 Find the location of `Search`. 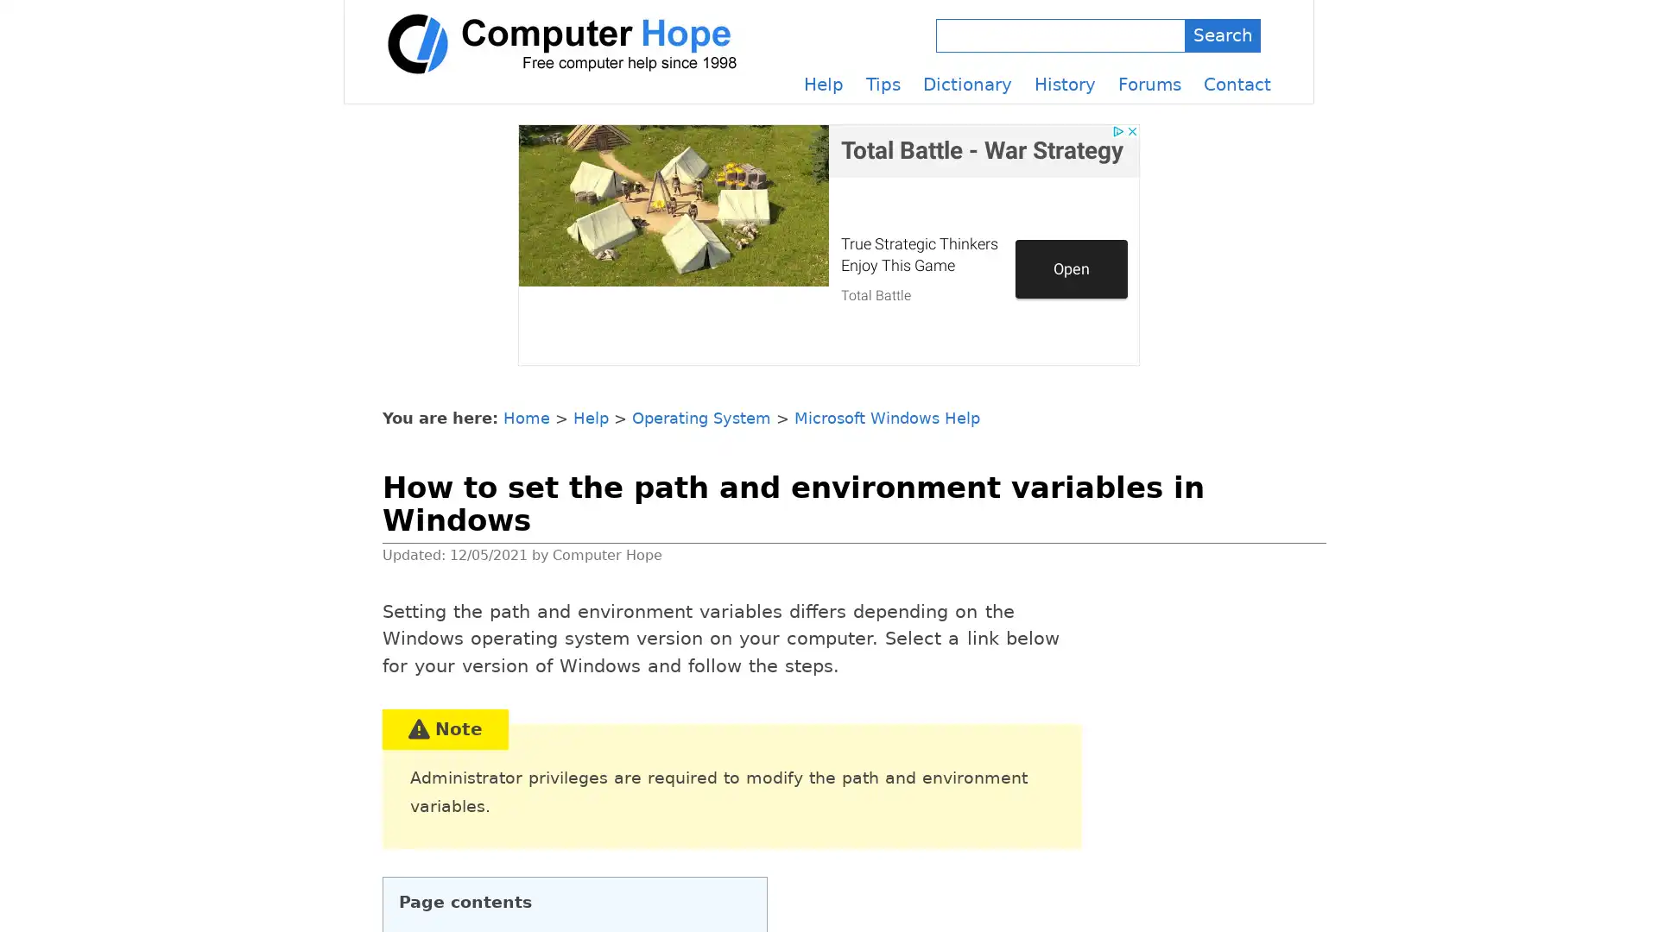

Search is located at coordinates (1222, 35).